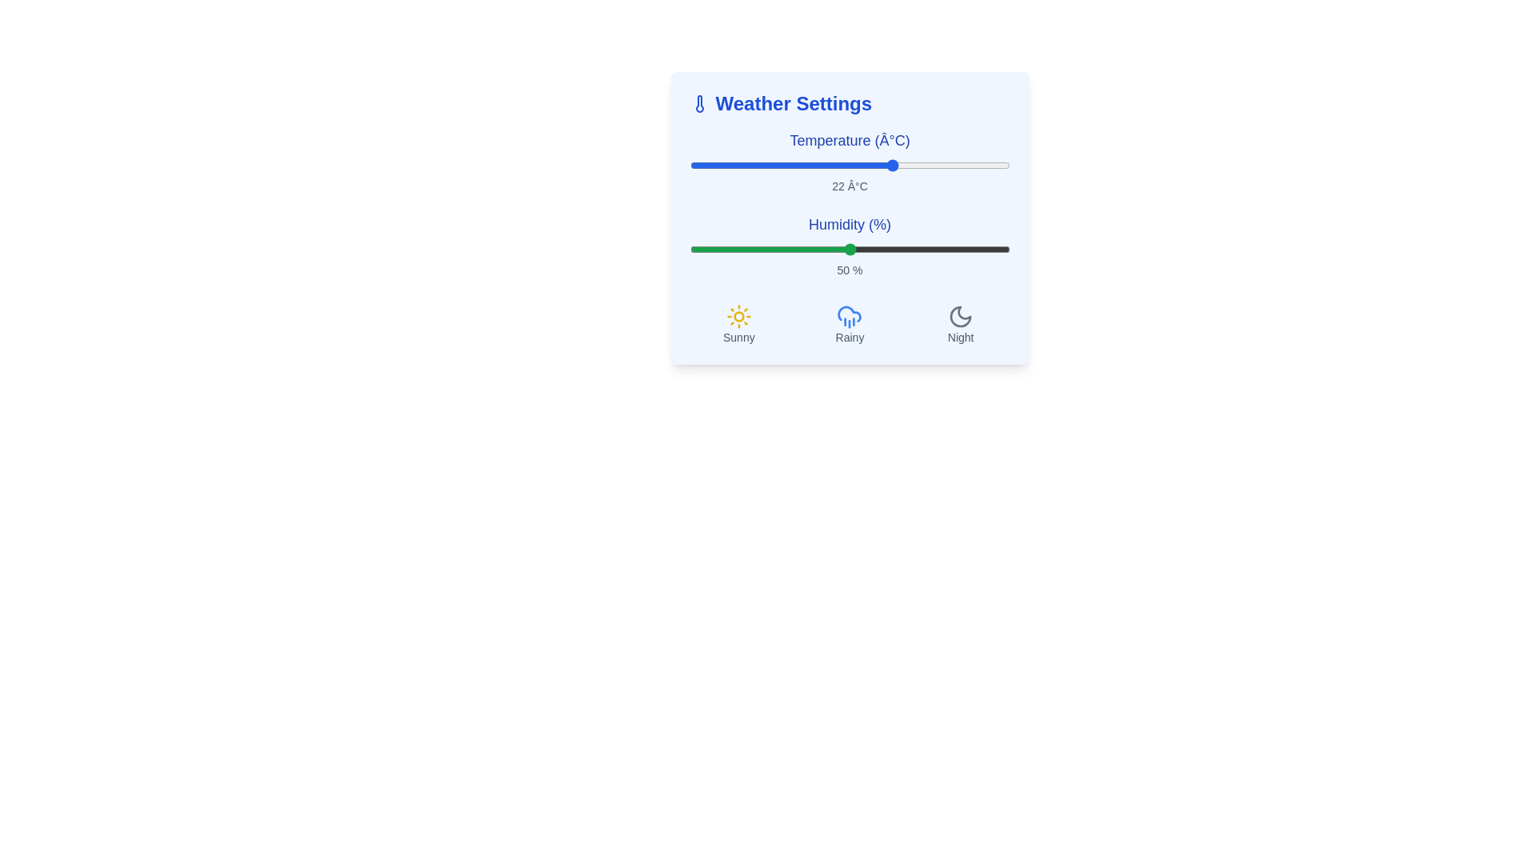  I want to click on the 'Rainy' icon, which is a blue cloud with raindrops and has the label 'Rainy' below it, so click(849, 324).